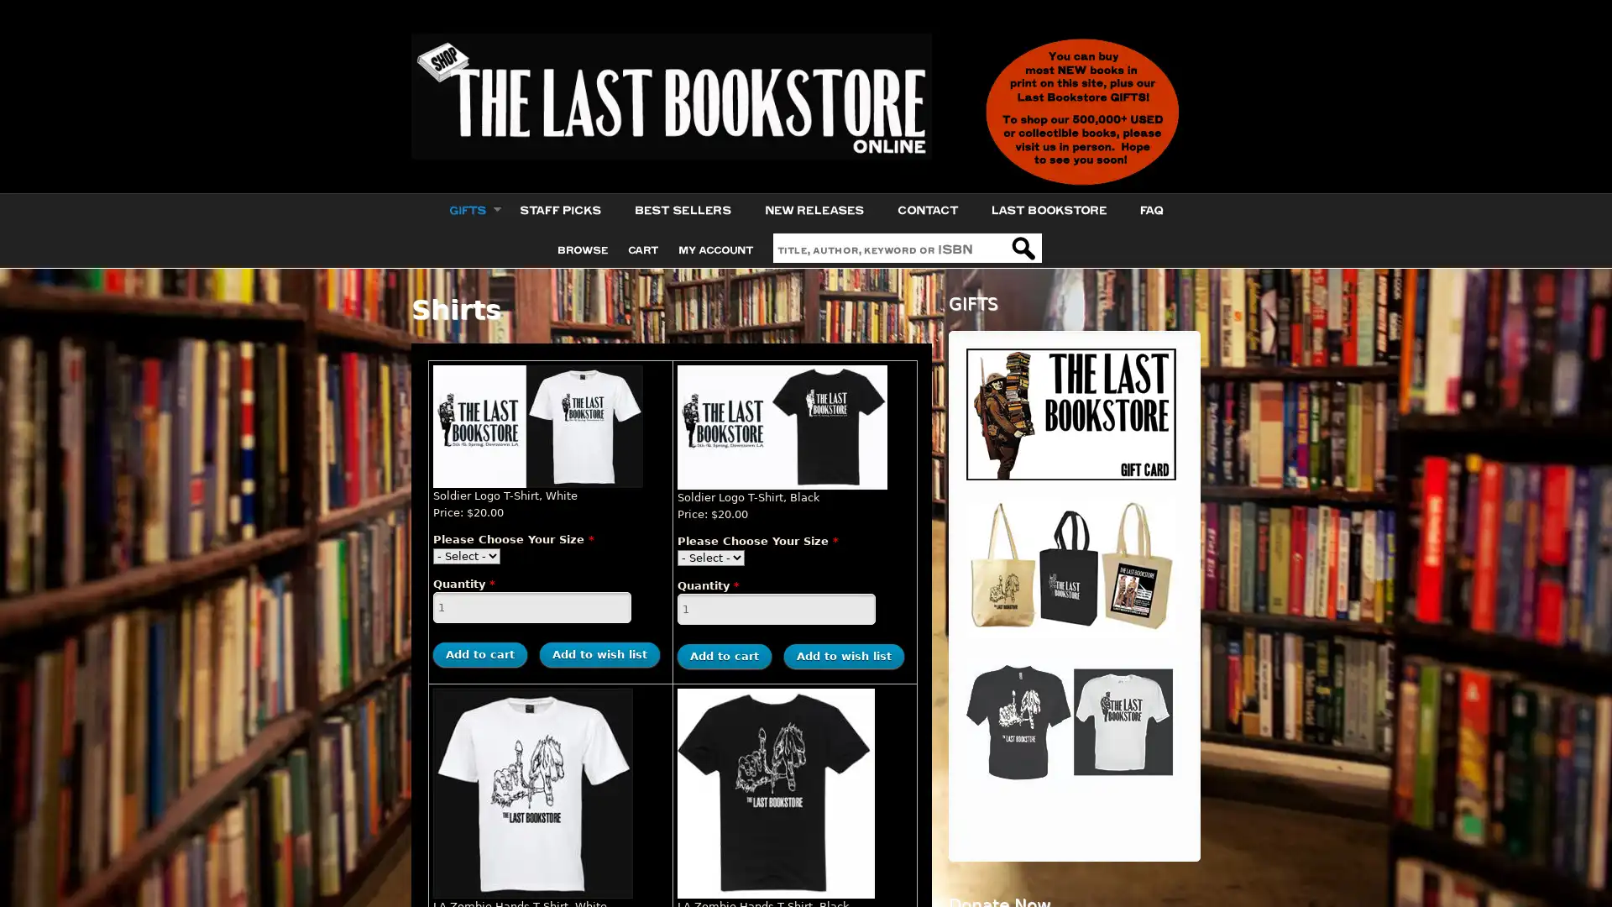  I want to click on Add to cart, so click(725, 655).